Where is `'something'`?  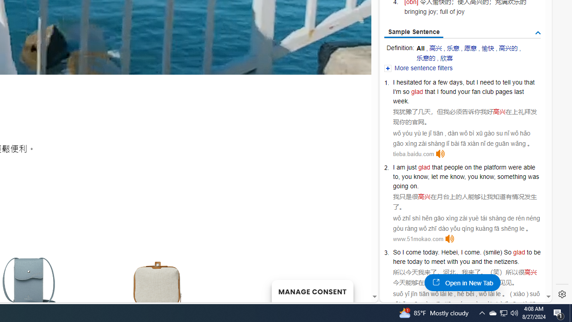
'something' is located at coordinates (512, 177).